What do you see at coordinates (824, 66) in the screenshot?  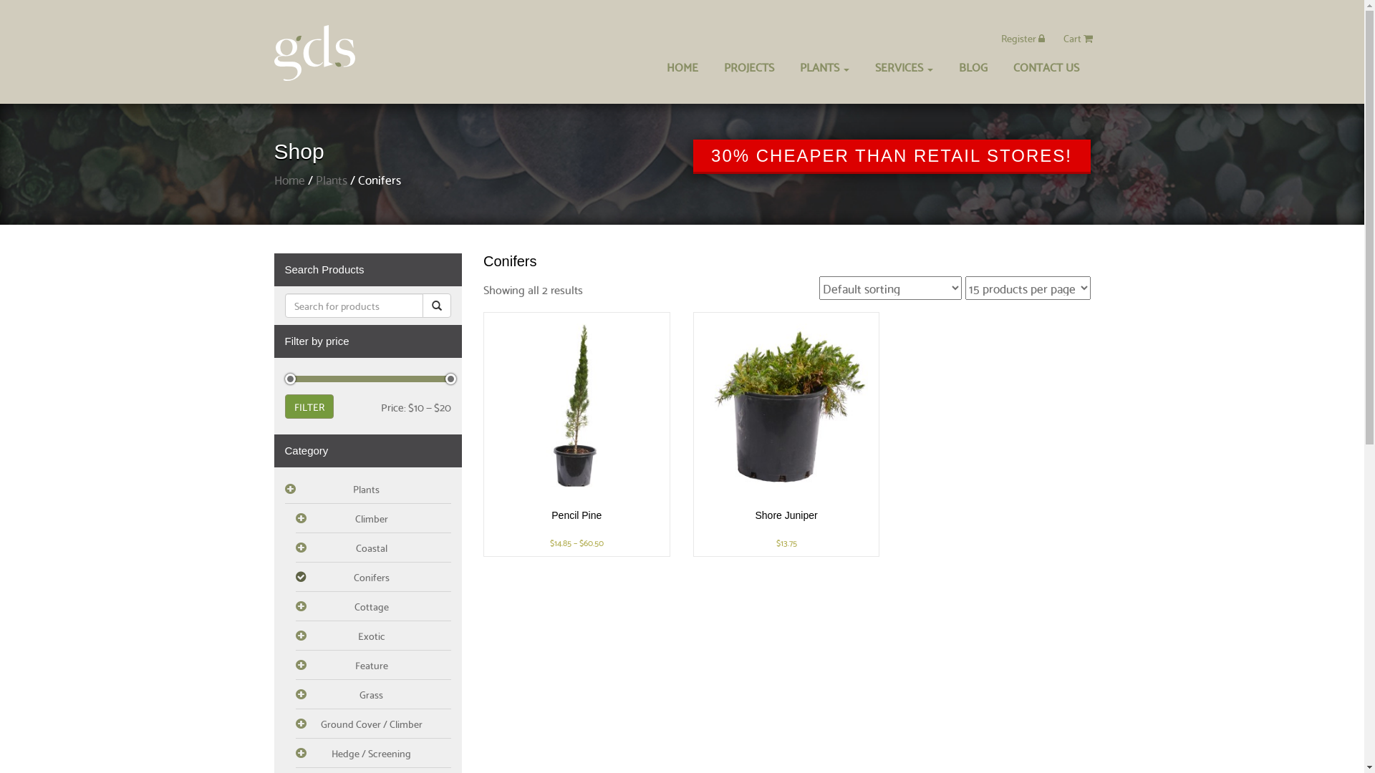 I see `'PLANTS'` at bounding box center [824, 66].